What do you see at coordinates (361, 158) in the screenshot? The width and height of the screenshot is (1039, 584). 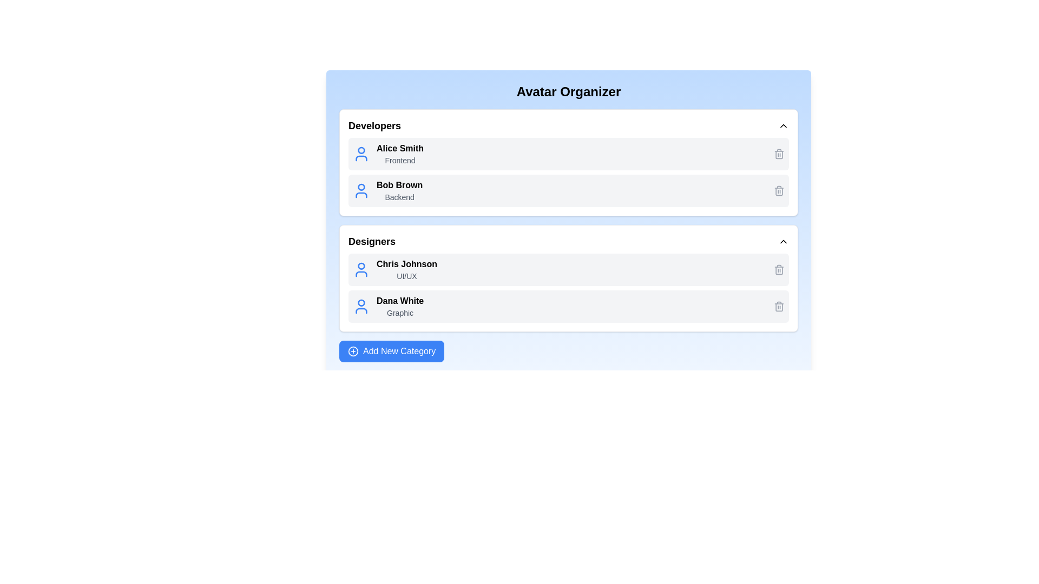 I see `the blue curved shape representing the lower half of the user icon torso within the SVG` at bounding box center [361, 158].